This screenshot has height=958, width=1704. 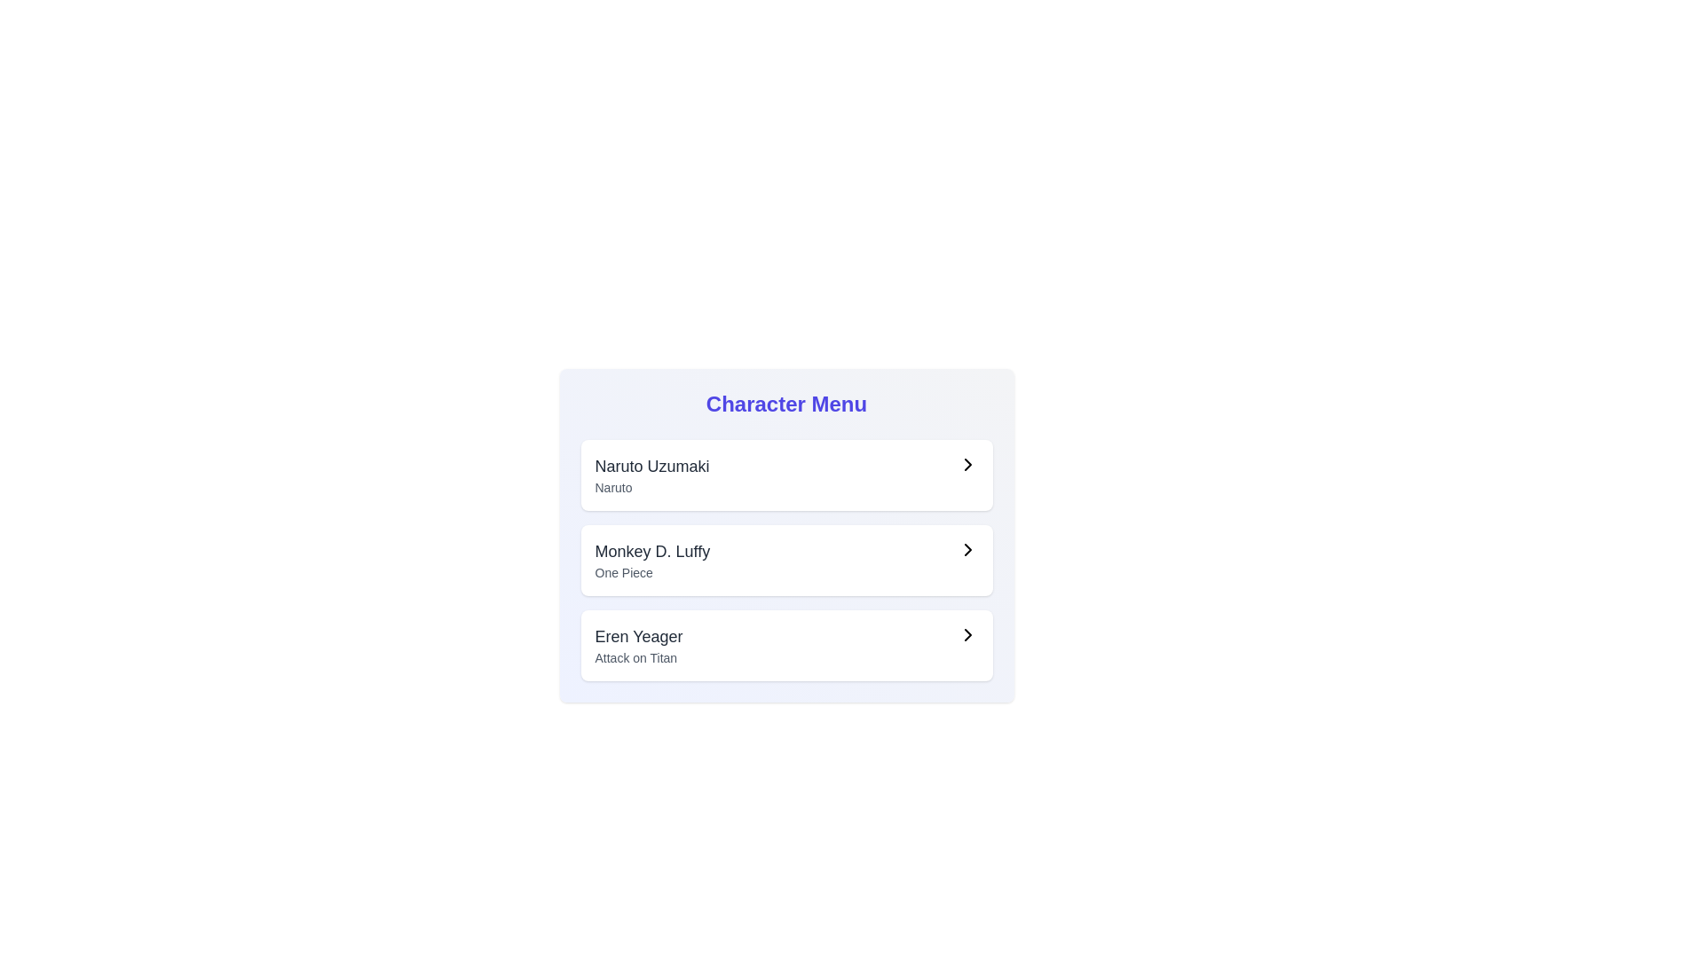 What do you see at coordinates (785, 561) in the screenshot?
I see `the navigational button for 'Monkey D. Luffy' located in the Character Menu, which is the second entry in the list` at bounding box center [785, 561].